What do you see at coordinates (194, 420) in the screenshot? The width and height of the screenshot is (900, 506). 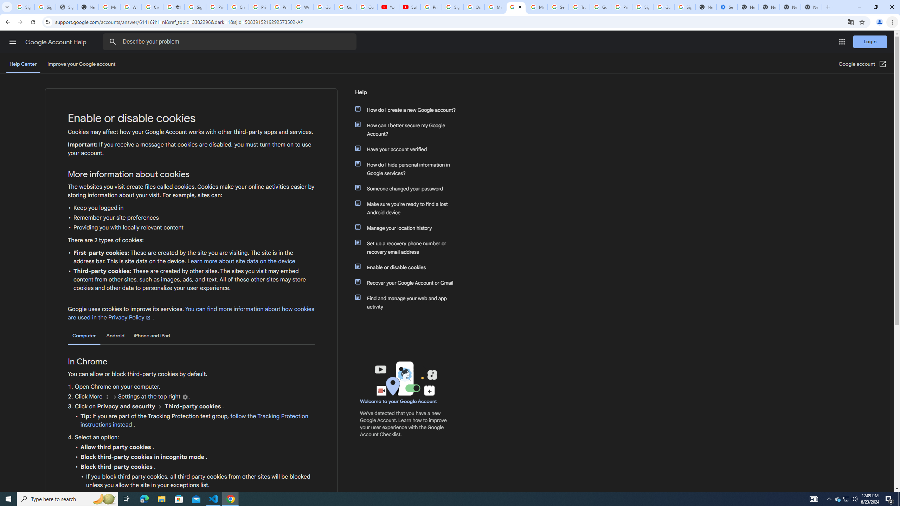 I see `'follow the Tracking Protection instructions instead'` at bounding box center [194, 420].